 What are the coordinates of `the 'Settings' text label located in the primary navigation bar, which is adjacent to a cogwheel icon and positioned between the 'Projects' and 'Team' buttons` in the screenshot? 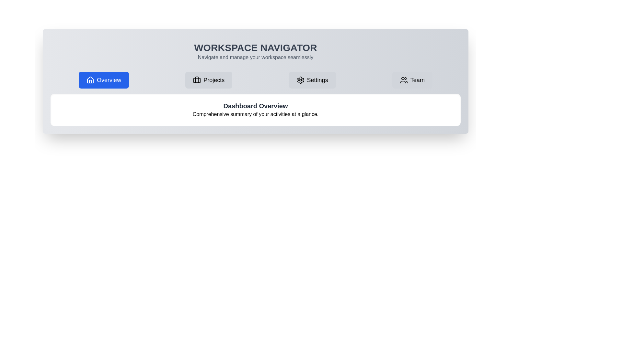 It's located at (317, 79).